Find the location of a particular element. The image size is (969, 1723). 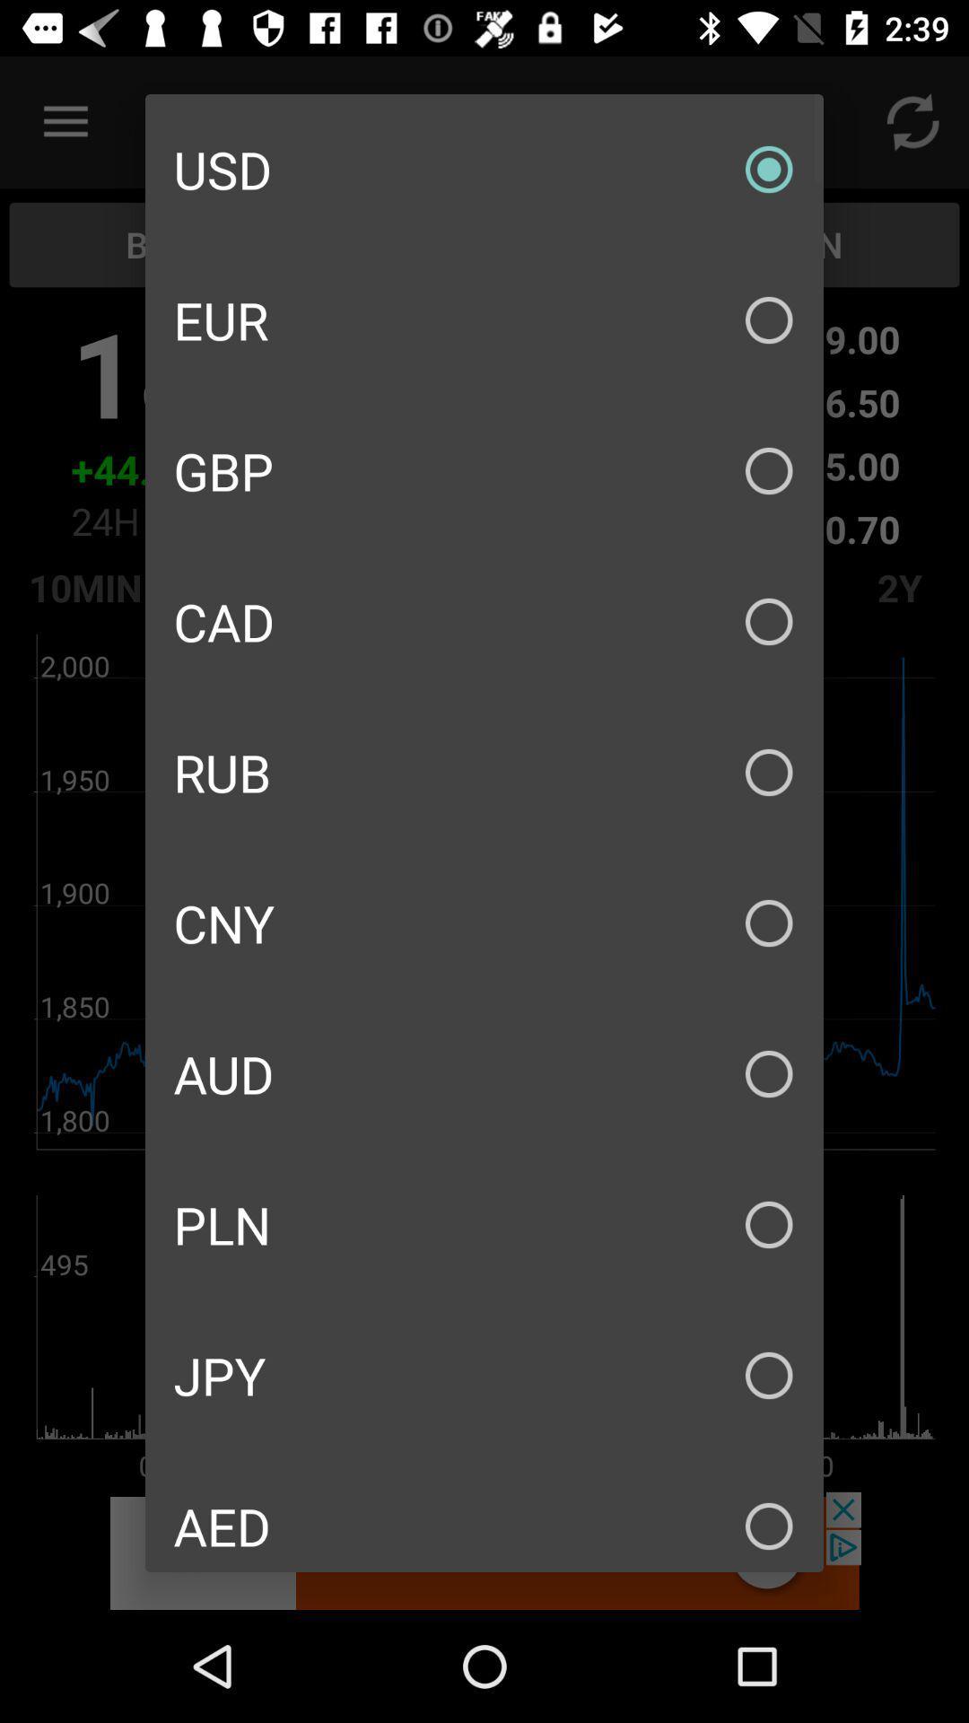

item above the cad item is located at coordinates (484, 470).